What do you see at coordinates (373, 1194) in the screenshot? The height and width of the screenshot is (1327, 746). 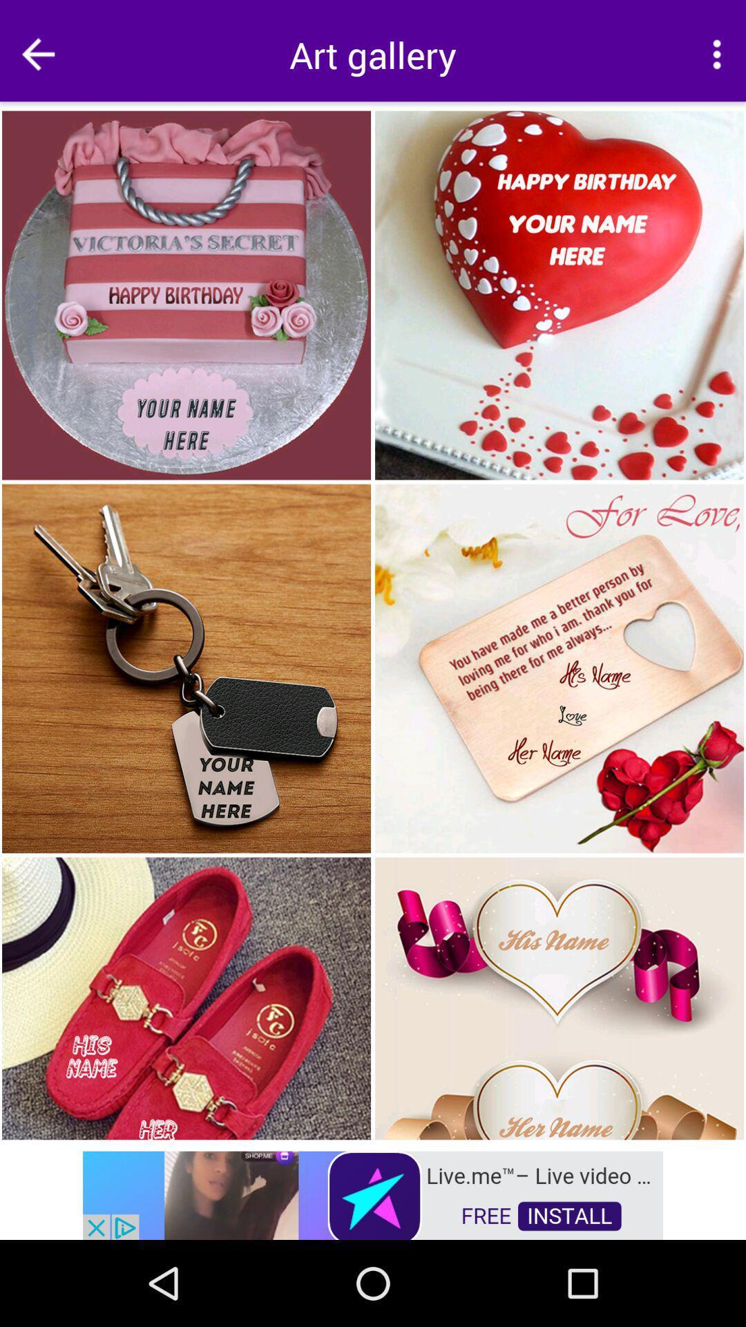 I see `open` at bounding box center [373, 1194].